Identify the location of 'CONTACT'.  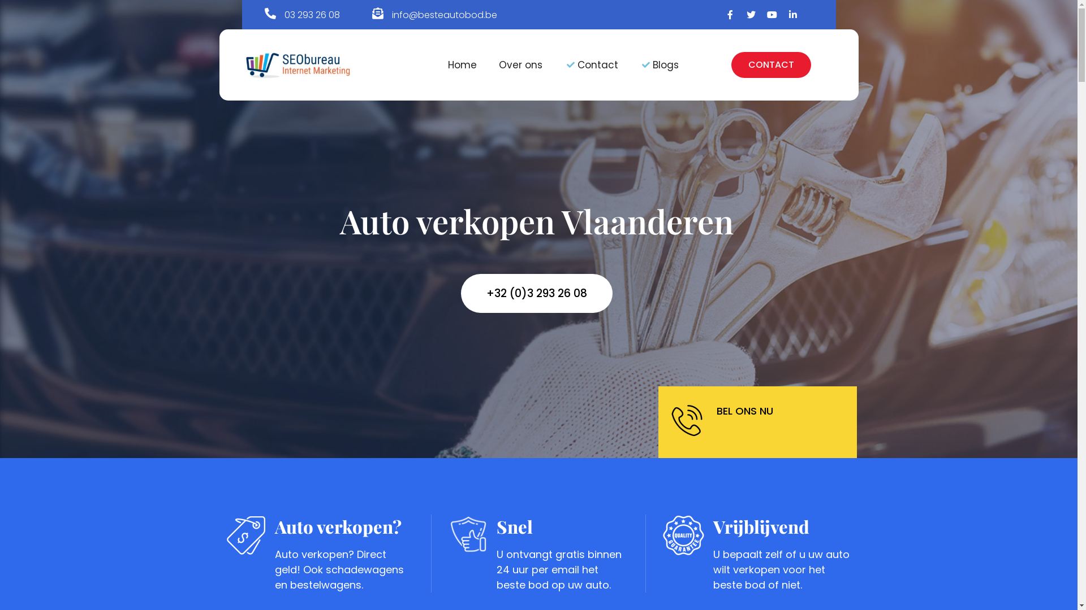
(770, 65).